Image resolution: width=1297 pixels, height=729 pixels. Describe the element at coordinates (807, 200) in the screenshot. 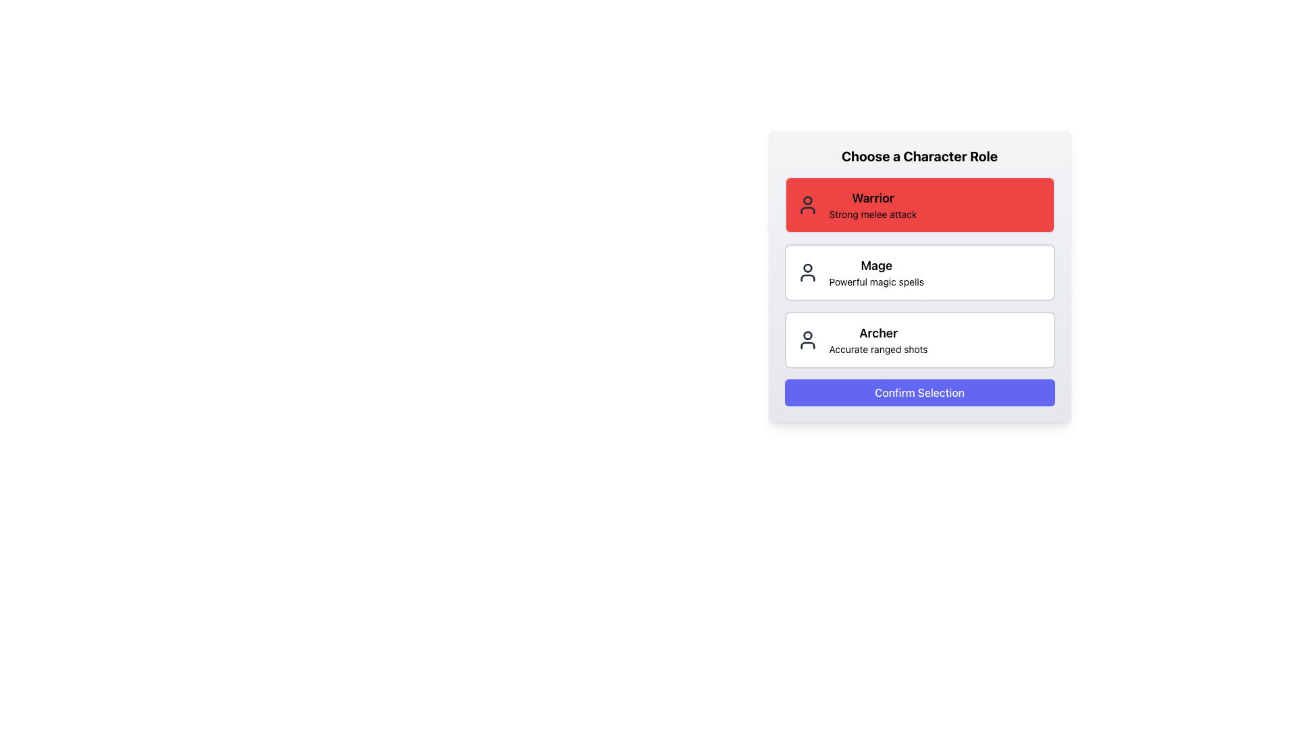

I see `circular SVG element representing the user icon for the 'Warrior' character role located in the character role selection interface` at that location.